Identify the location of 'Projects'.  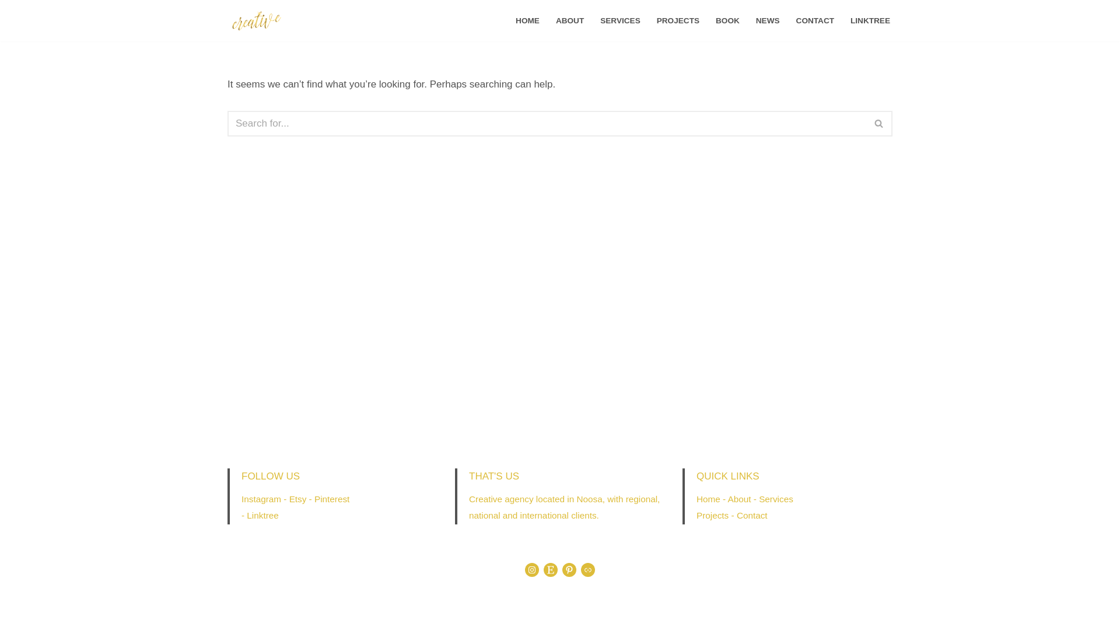
(712, 514).